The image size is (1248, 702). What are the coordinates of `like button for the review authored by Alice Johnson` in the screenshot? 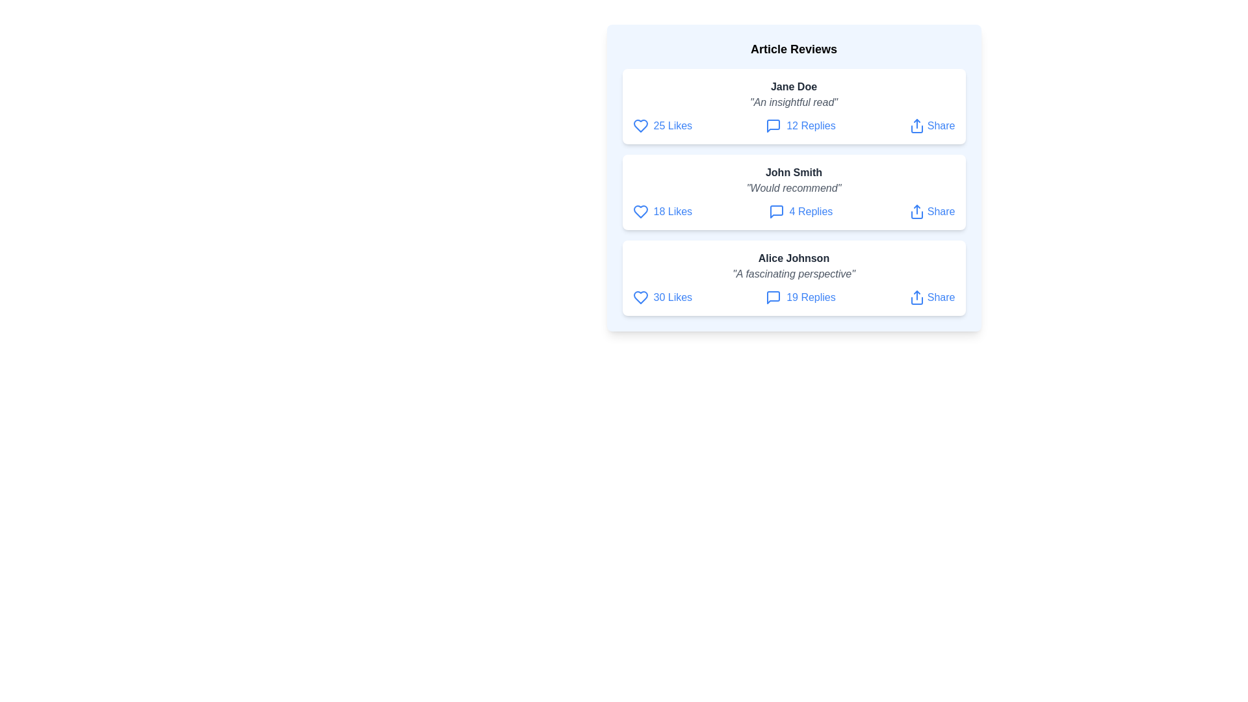 It's located at (640, 298).